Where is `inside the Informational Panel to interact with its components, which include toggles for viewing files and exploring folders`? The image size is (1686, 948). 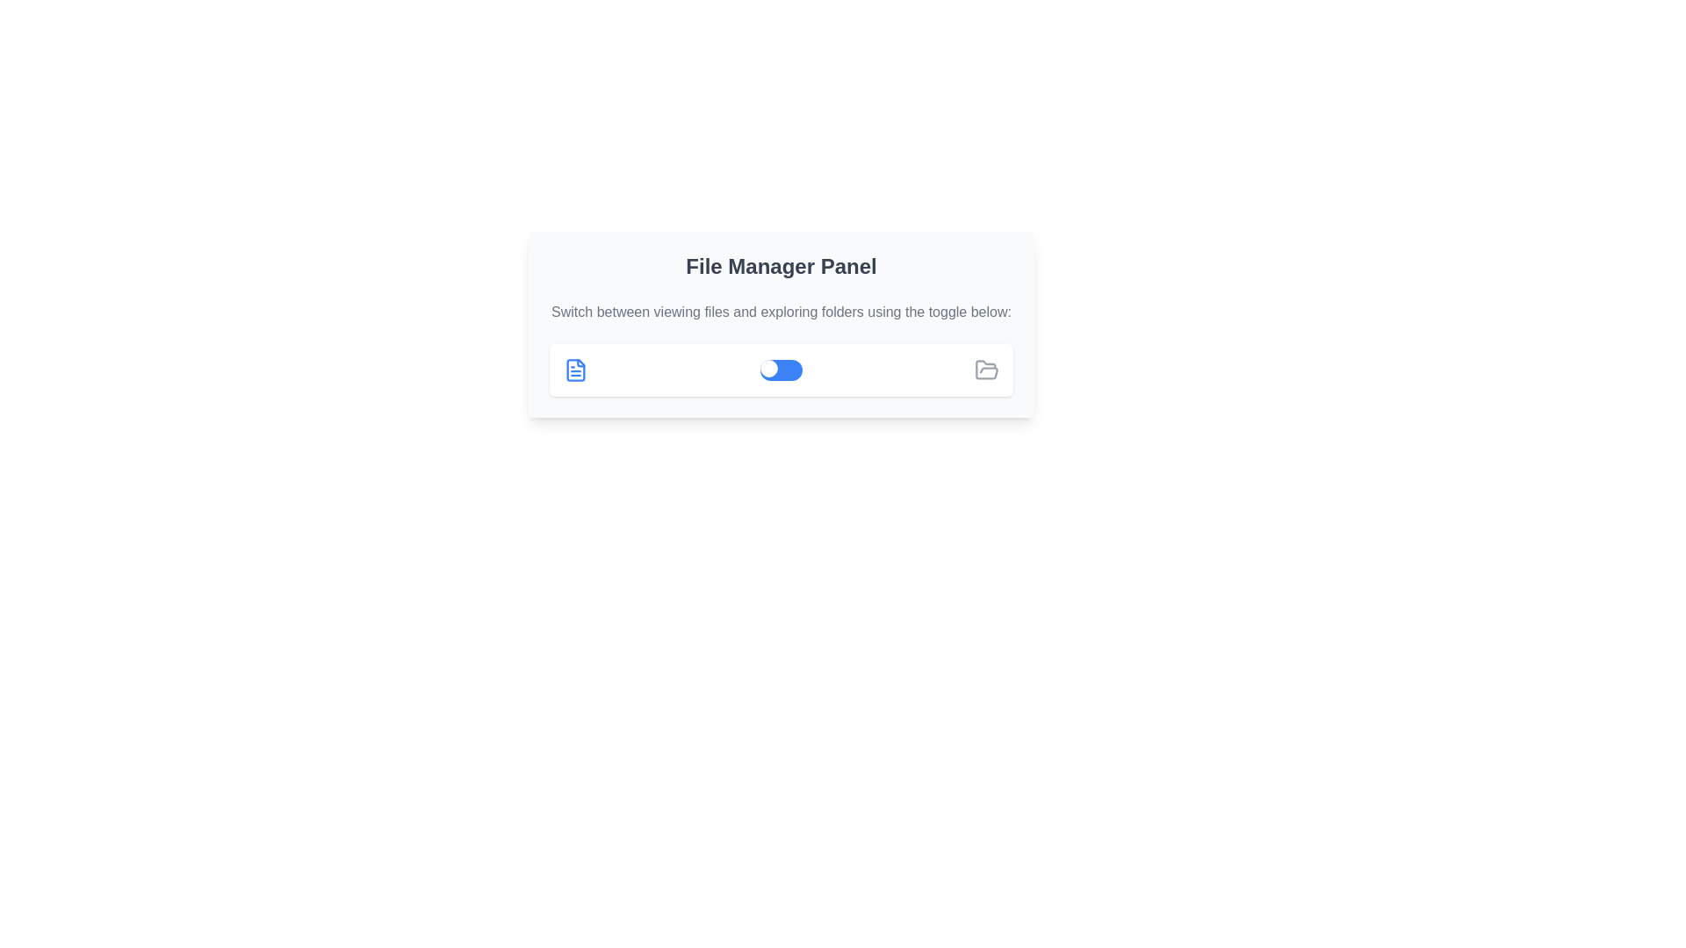
inside the Informational Panel to interact with its components, which include toggles for viewing files and exploring folders is located at coordinates (780, 325).